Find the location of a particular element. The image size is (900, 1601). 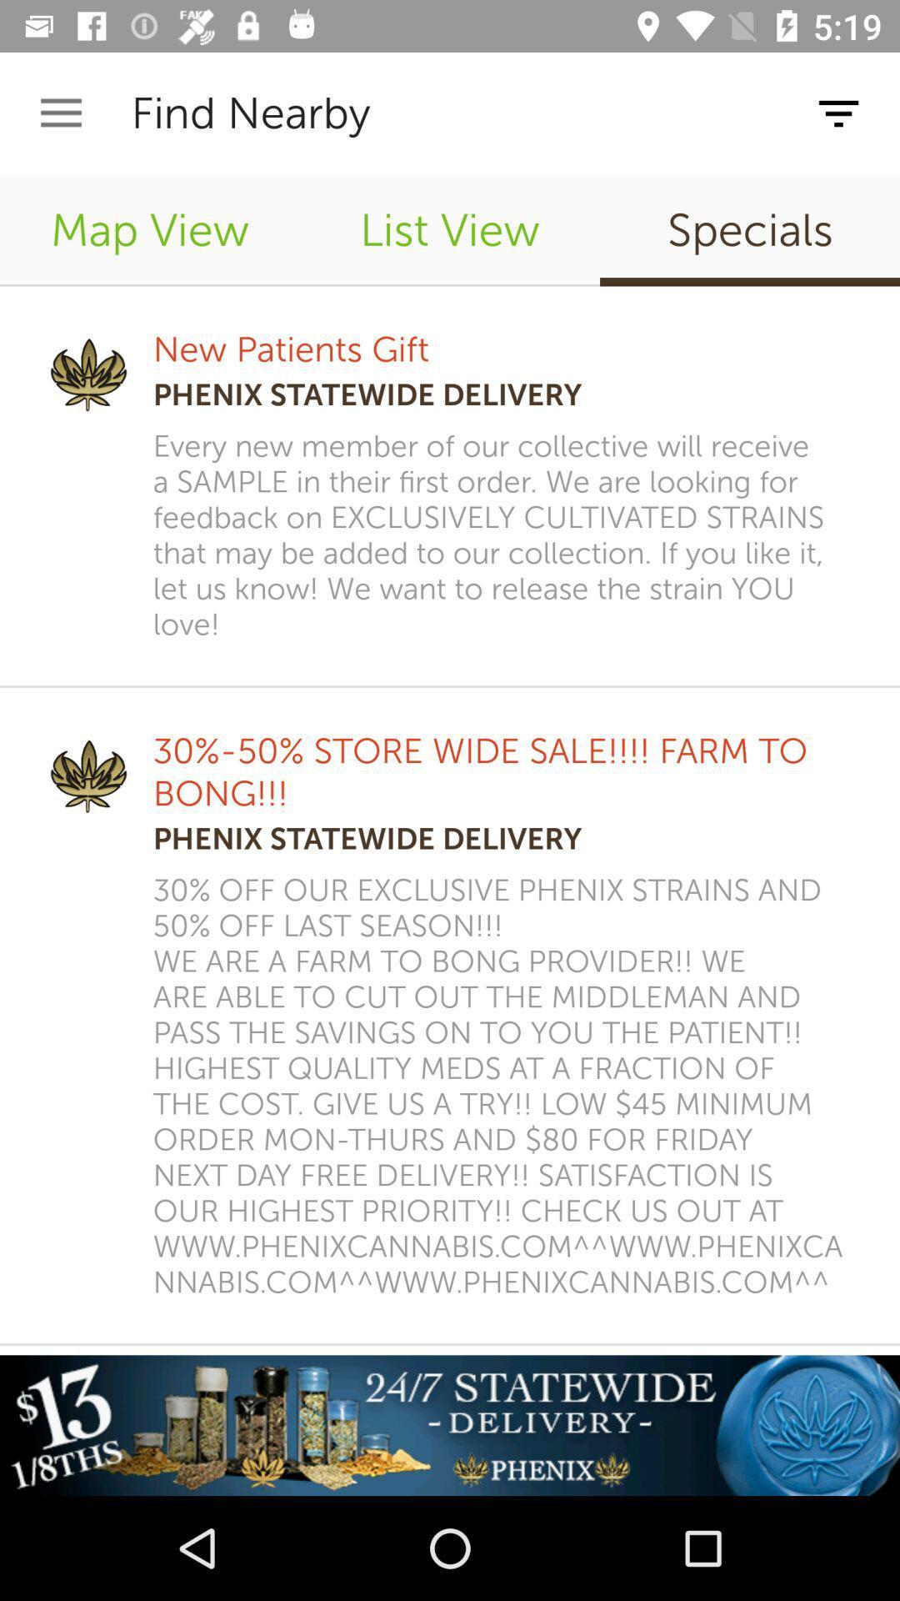

item below phenix statewide delivery icon is located at coordinates (503, 535).